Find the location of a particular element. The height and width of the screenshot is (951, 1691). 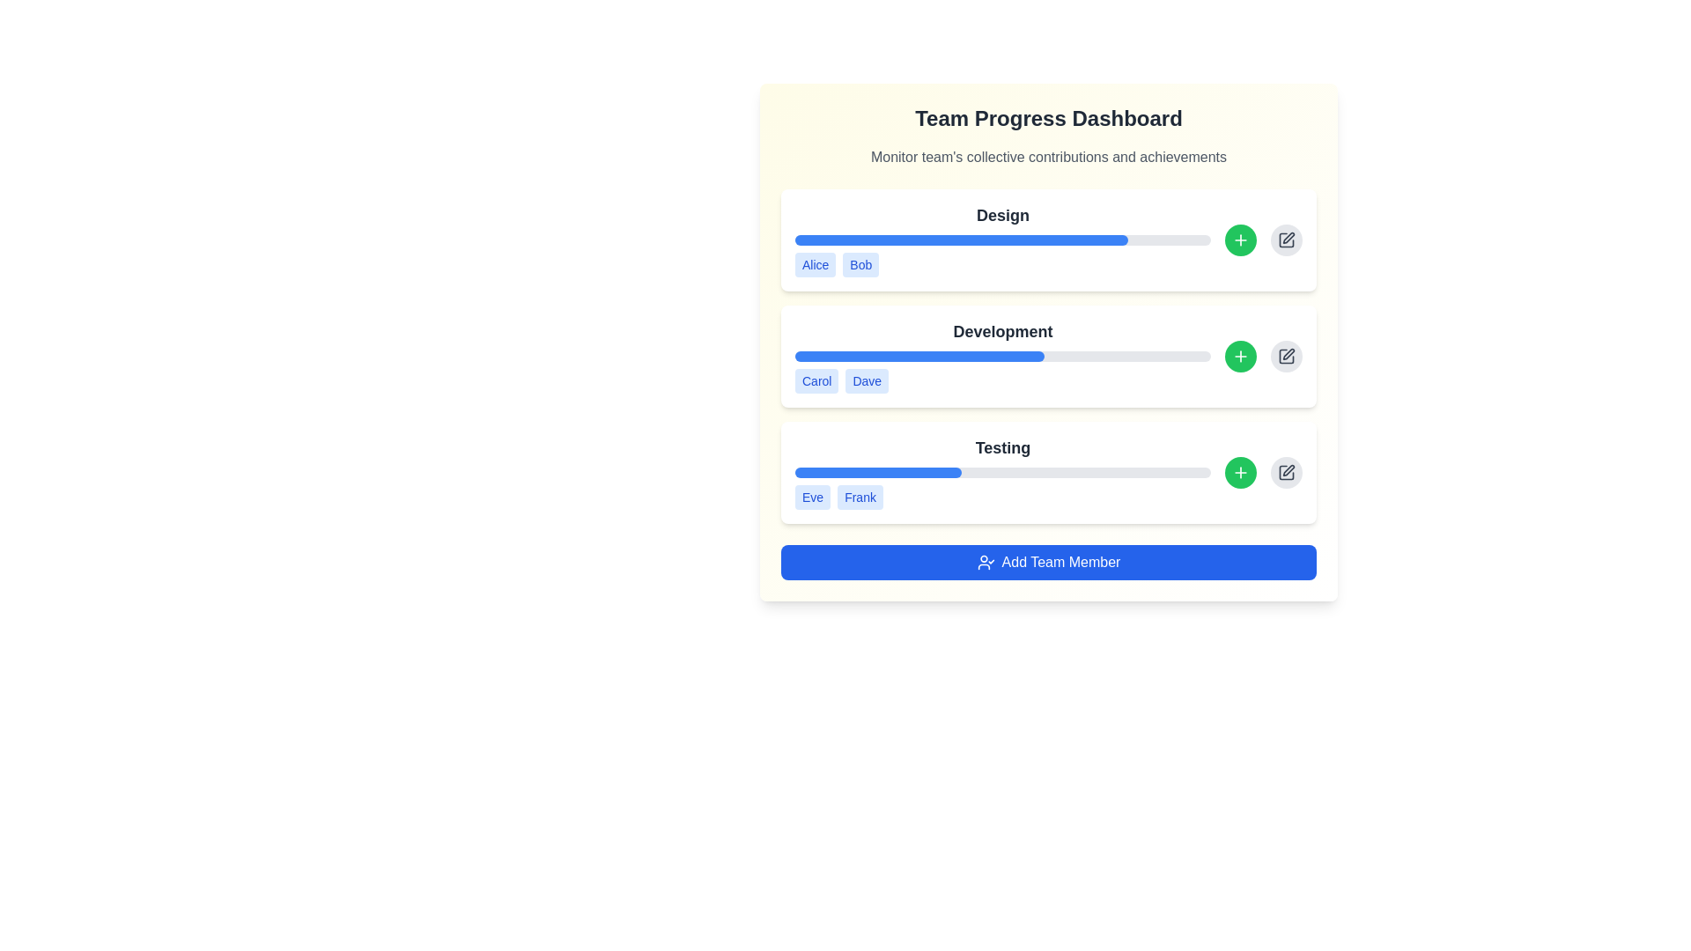

the Progress bar segment representing the completion of the 'Testing' task, located in the 'Testing' section of the interface is located at coordinates (878, 471).